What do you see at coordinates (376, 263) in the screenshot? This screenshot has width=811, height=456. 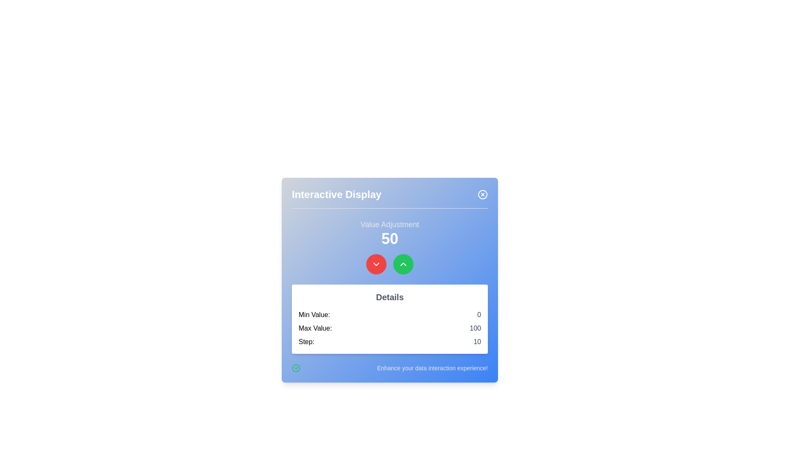 I see `the button for decreasing the displayed value, which is positioned below the value '50' and to the left of the corresponding increase button` at bounding box center [376, 263].